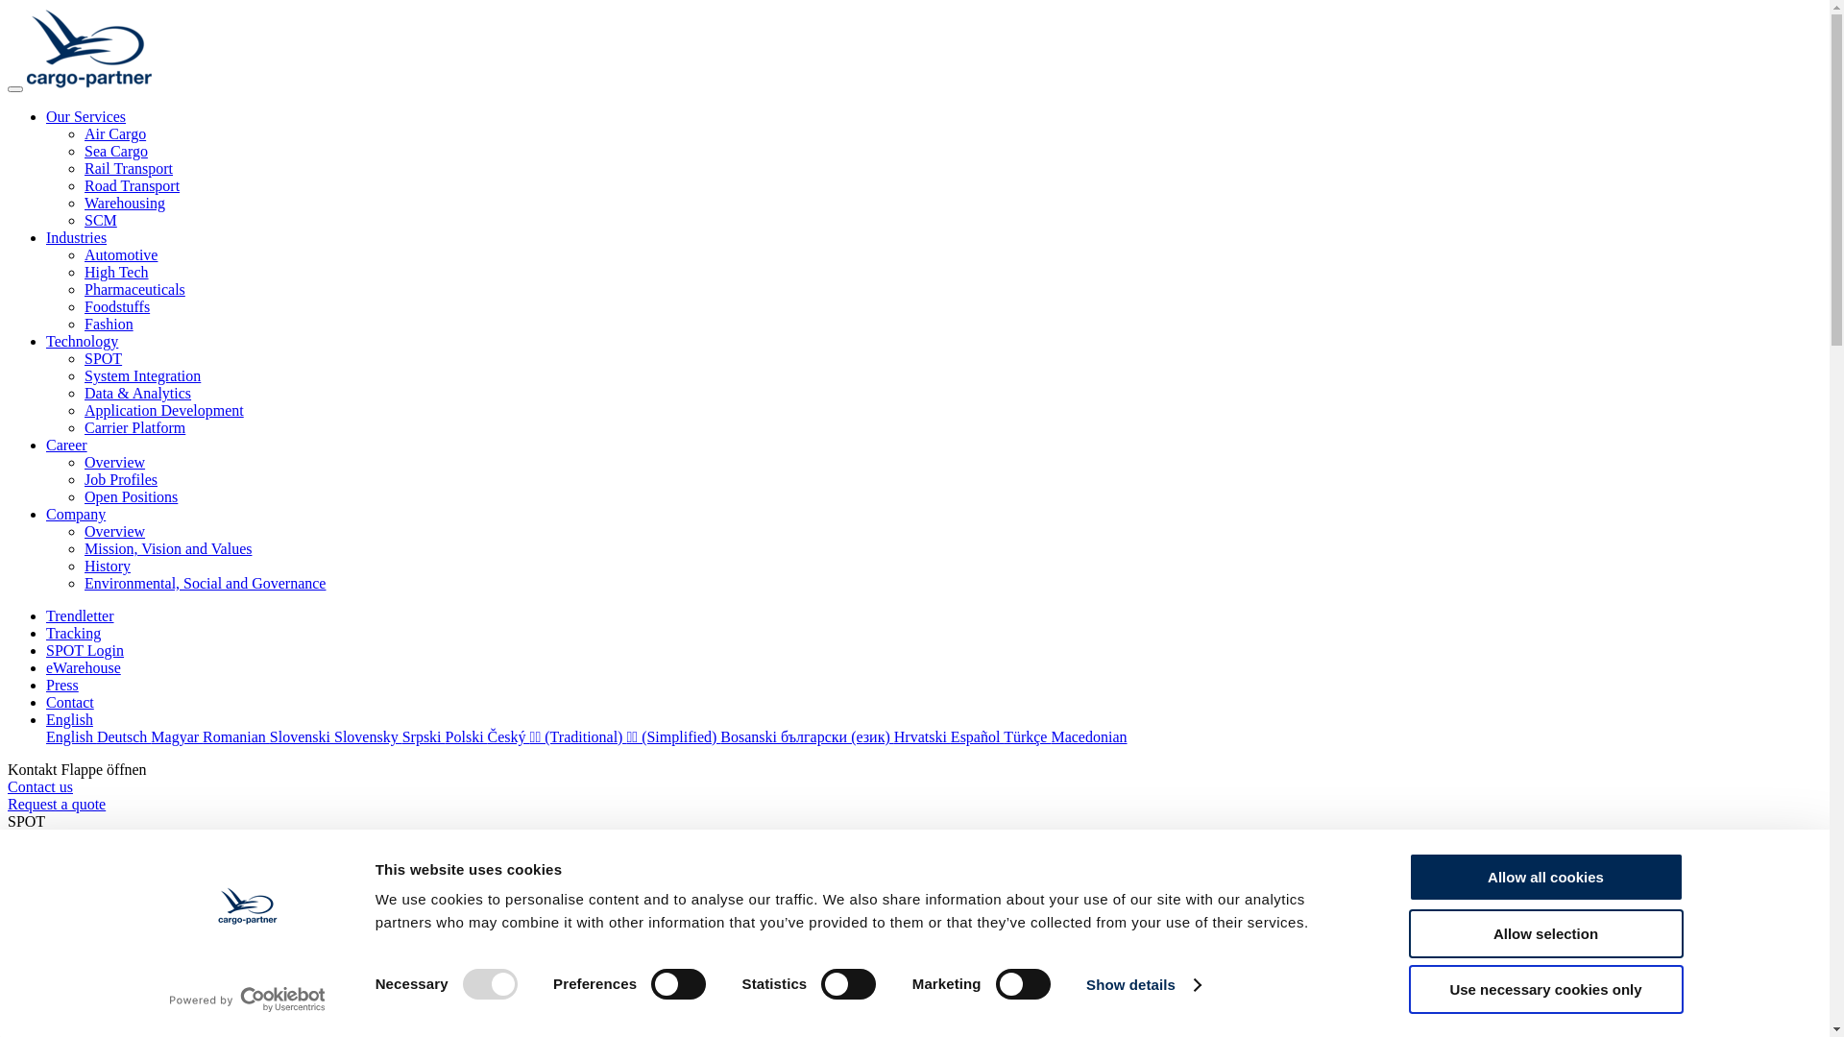  What do you see at coordinates (205, 582) in the screenshot?
I see `'Environmental, Social and Governance'` at bounding box center [205, 582].